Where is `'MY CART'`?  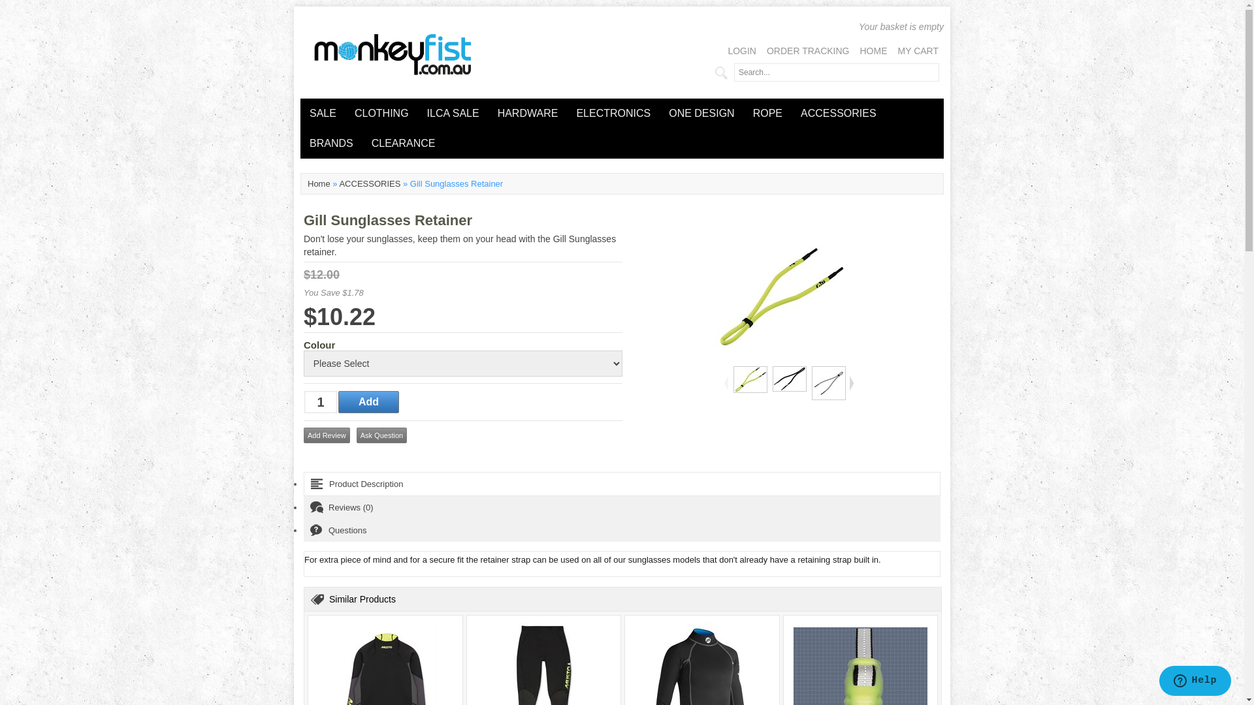 'MY CART' is located at coordinates (892, 50).